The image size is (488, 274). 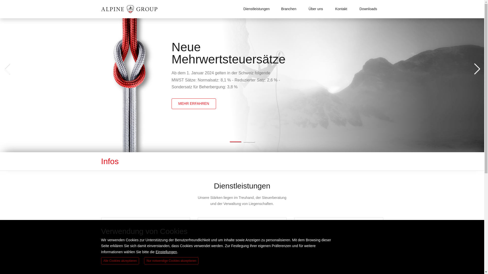 I want to click on 'Alle Cookies akzeptieren', so click(x=120, y=261).